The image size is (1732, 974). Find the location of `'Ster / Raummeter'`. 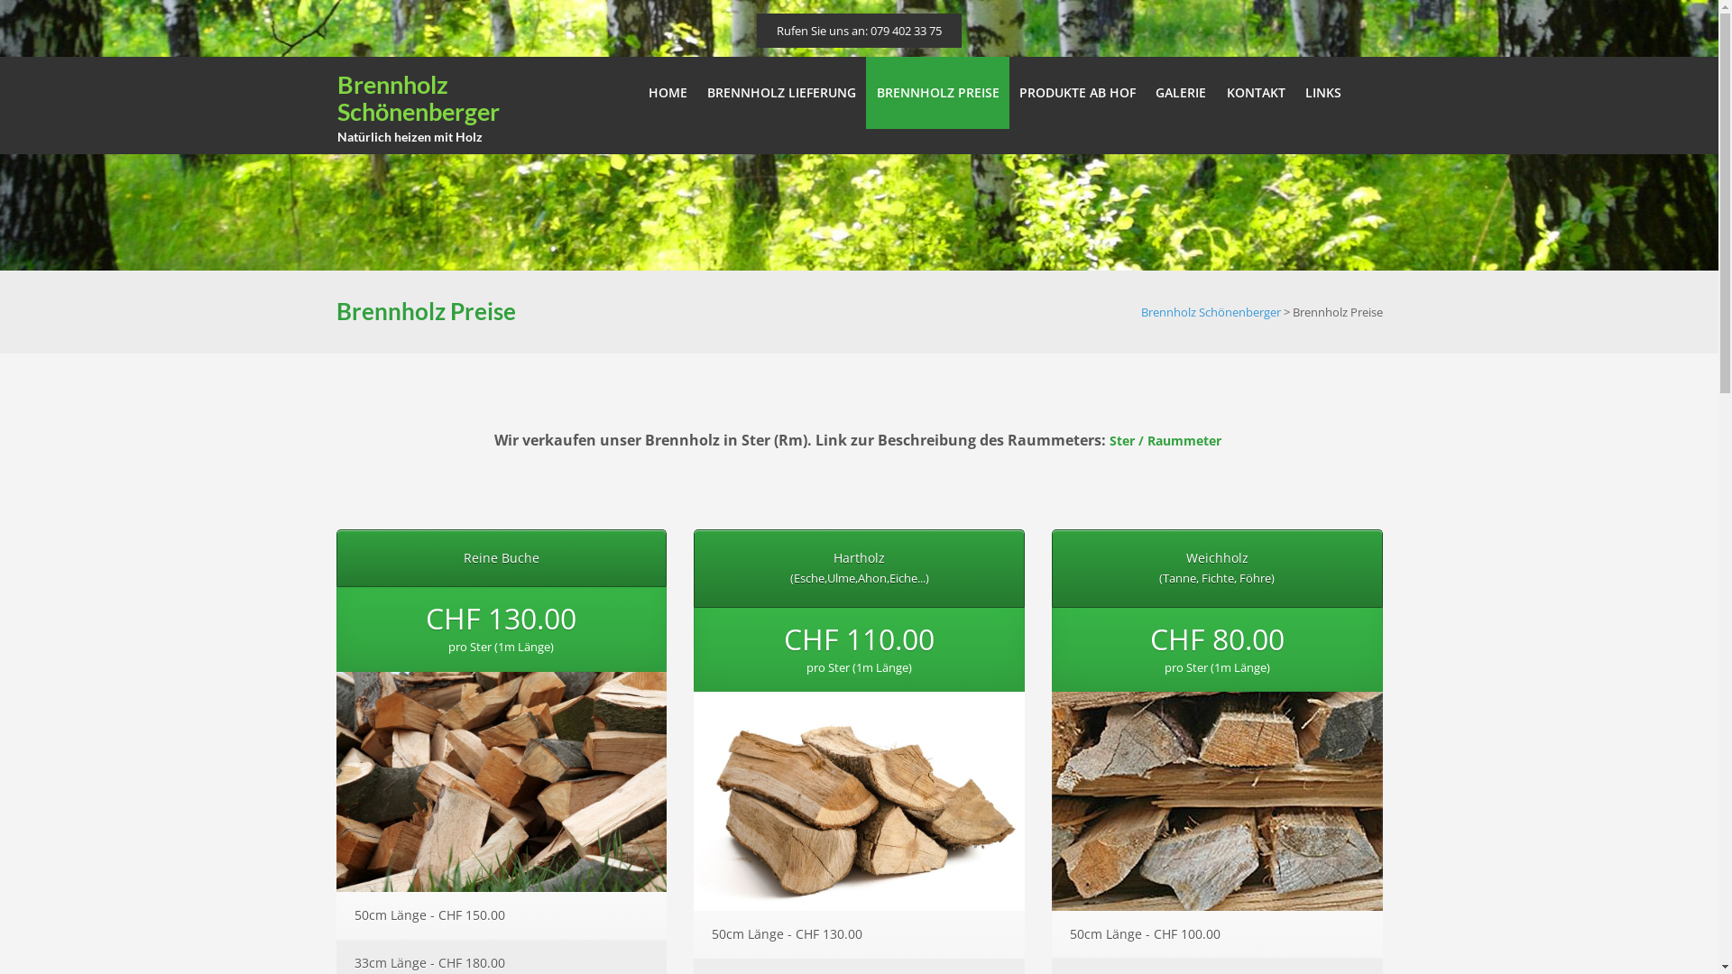

'Ster / Raummeter' is located at coordinates (1165, 440).